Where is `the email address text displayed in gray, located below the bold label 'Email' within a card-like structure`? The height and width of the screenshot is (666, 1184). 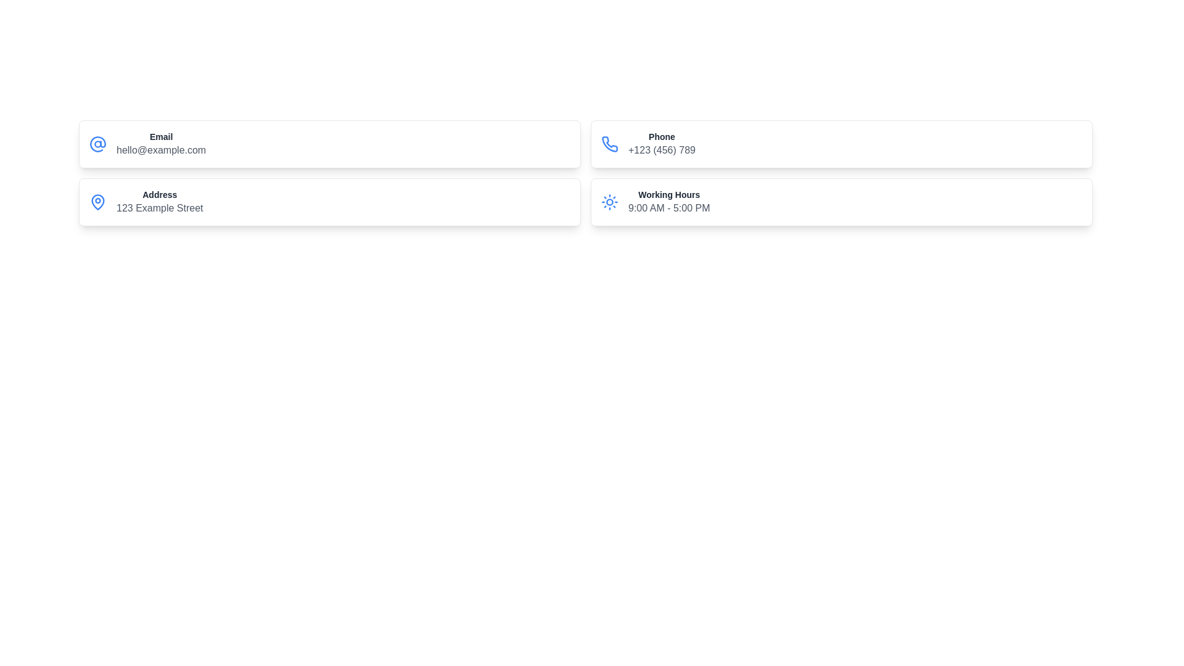
the email address text displayed in gray, located below the bold label 'Email' within a card-like structure is located at coordinates (160, 149).